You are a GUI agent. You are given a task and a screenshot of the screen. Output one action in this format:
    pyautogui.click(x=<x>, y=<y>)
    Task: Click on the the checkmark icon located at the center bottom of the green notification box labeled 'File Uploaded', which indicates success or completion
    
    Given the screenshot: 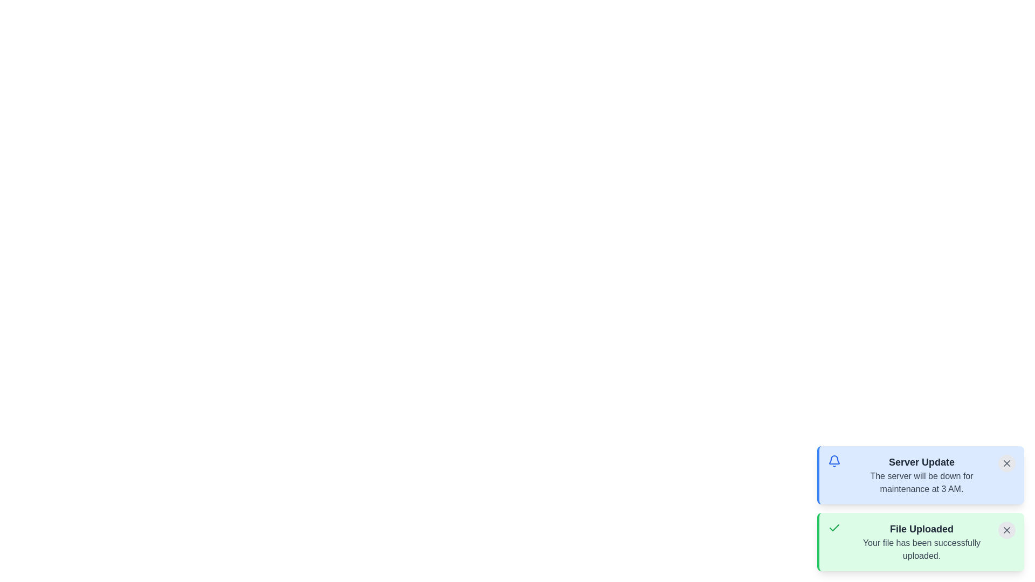 What is the action you would take?
    pyautogui.click(x=834, y=527)
    